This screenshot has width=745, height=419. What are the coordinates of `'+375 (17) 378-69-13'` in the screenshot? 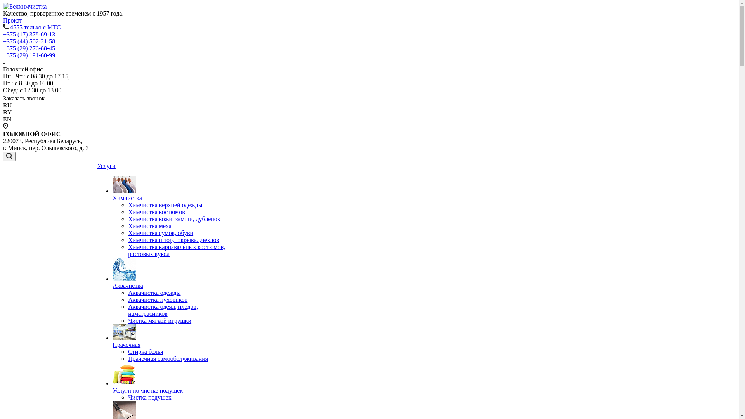 It's located at (29, 34).